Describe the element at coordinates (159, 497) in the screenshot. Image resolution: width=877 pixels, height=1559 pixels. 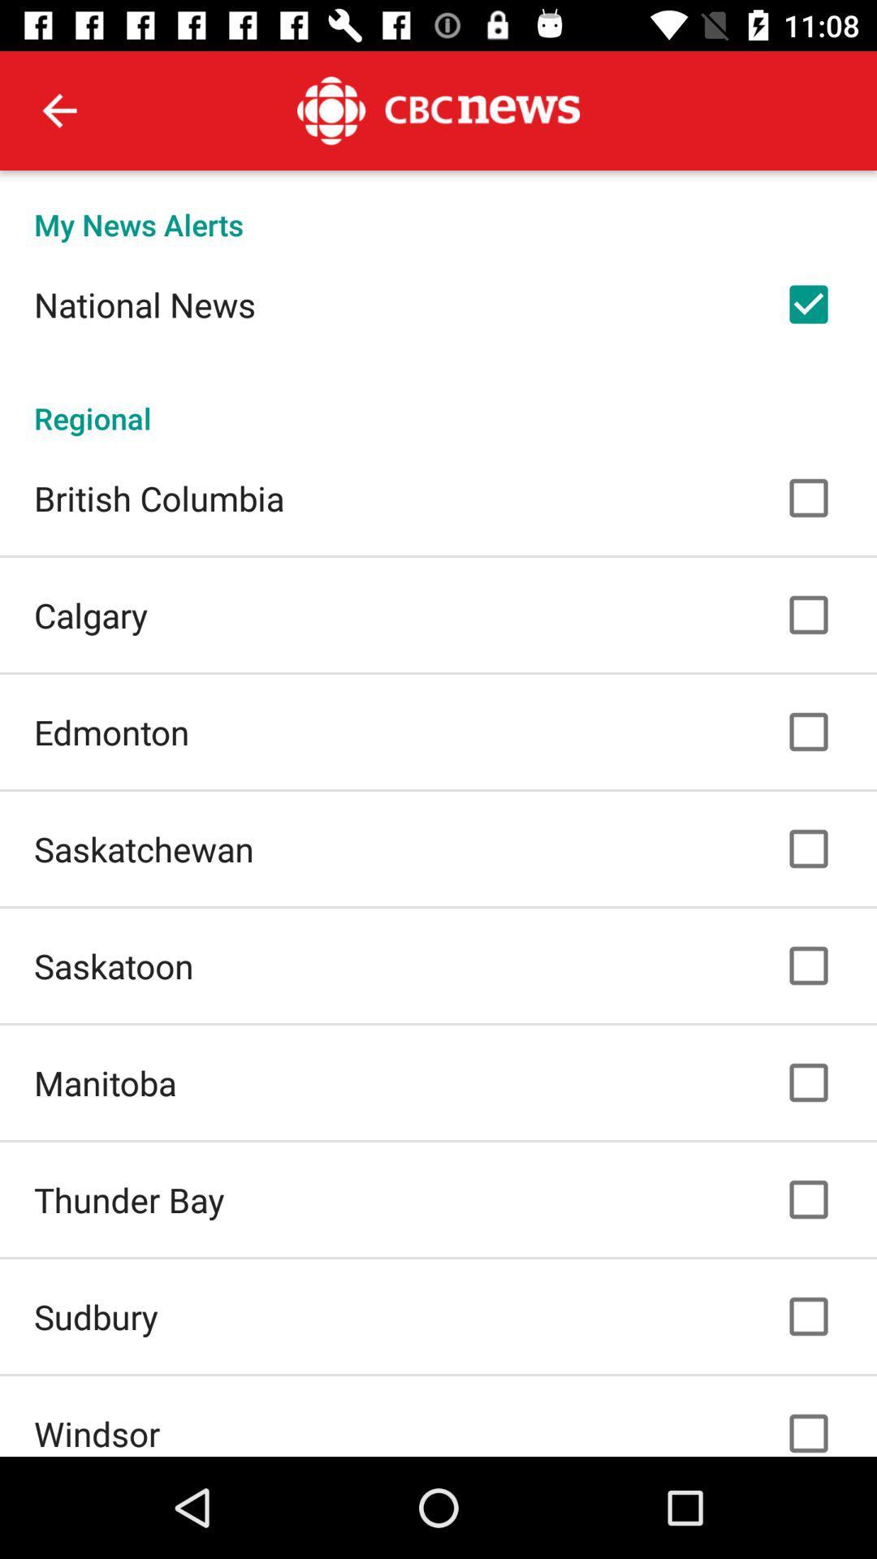
I see `british columbia icon` at that location.